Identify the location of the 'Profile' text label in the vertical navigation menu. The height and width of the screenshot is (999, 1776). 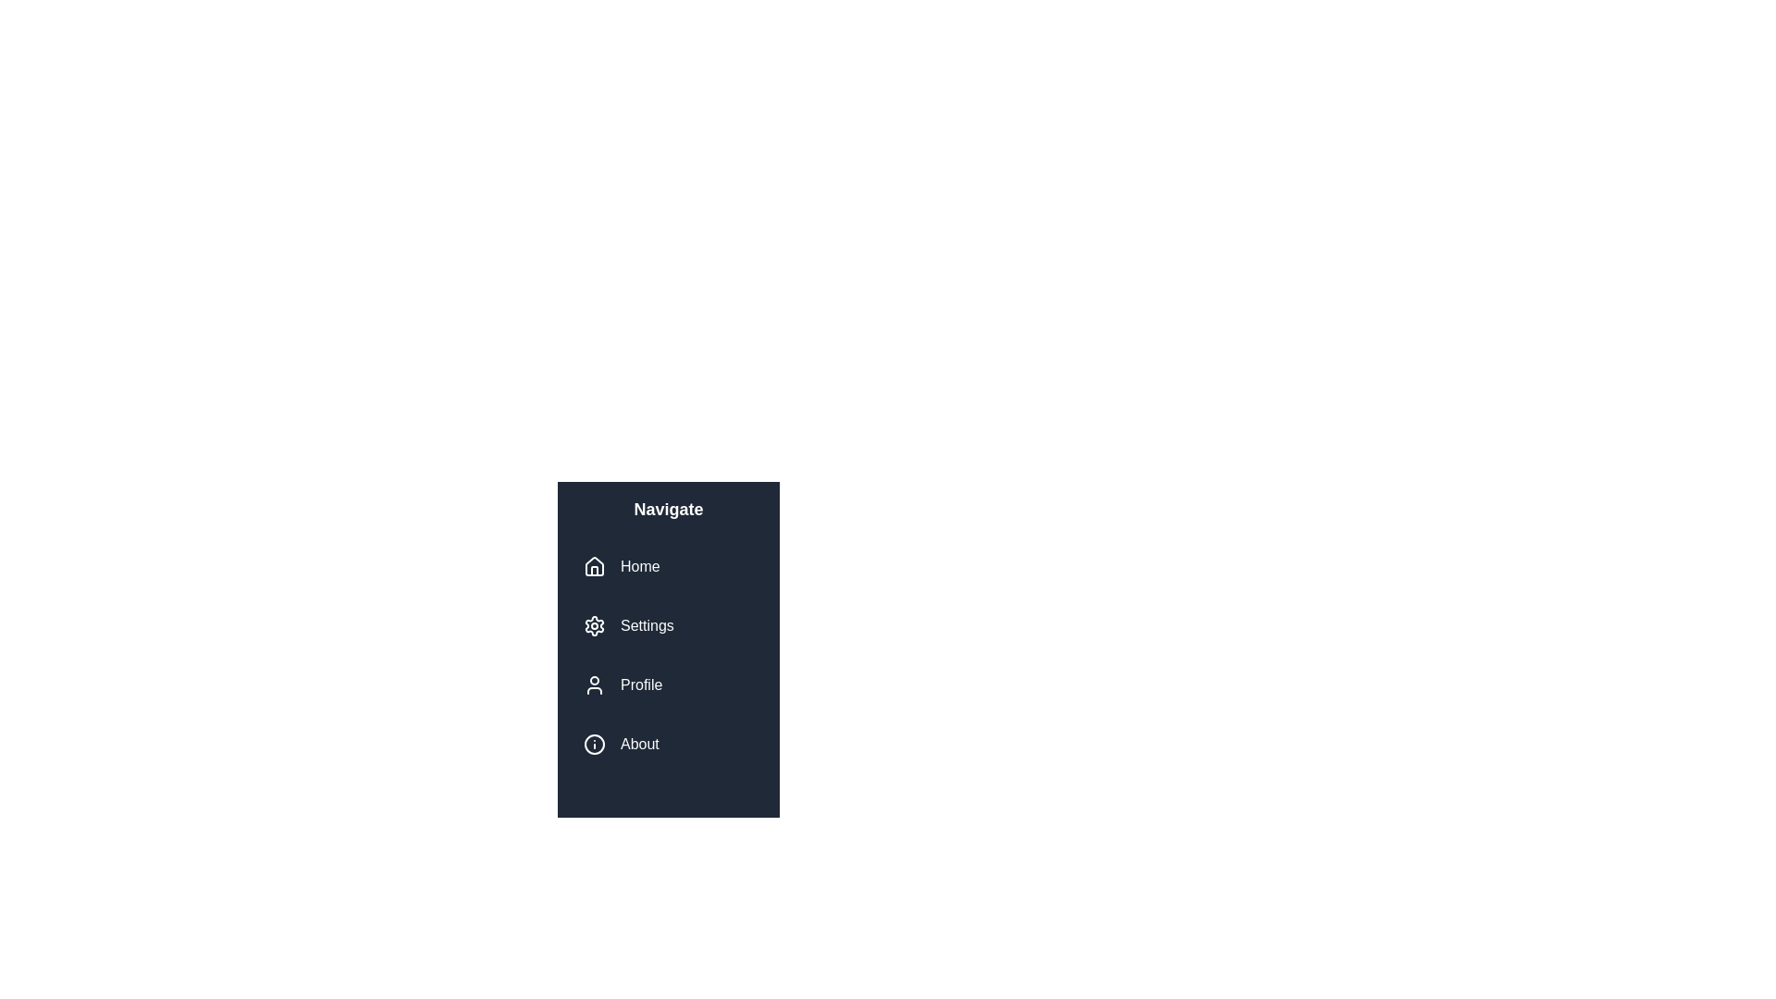
(641, 684).